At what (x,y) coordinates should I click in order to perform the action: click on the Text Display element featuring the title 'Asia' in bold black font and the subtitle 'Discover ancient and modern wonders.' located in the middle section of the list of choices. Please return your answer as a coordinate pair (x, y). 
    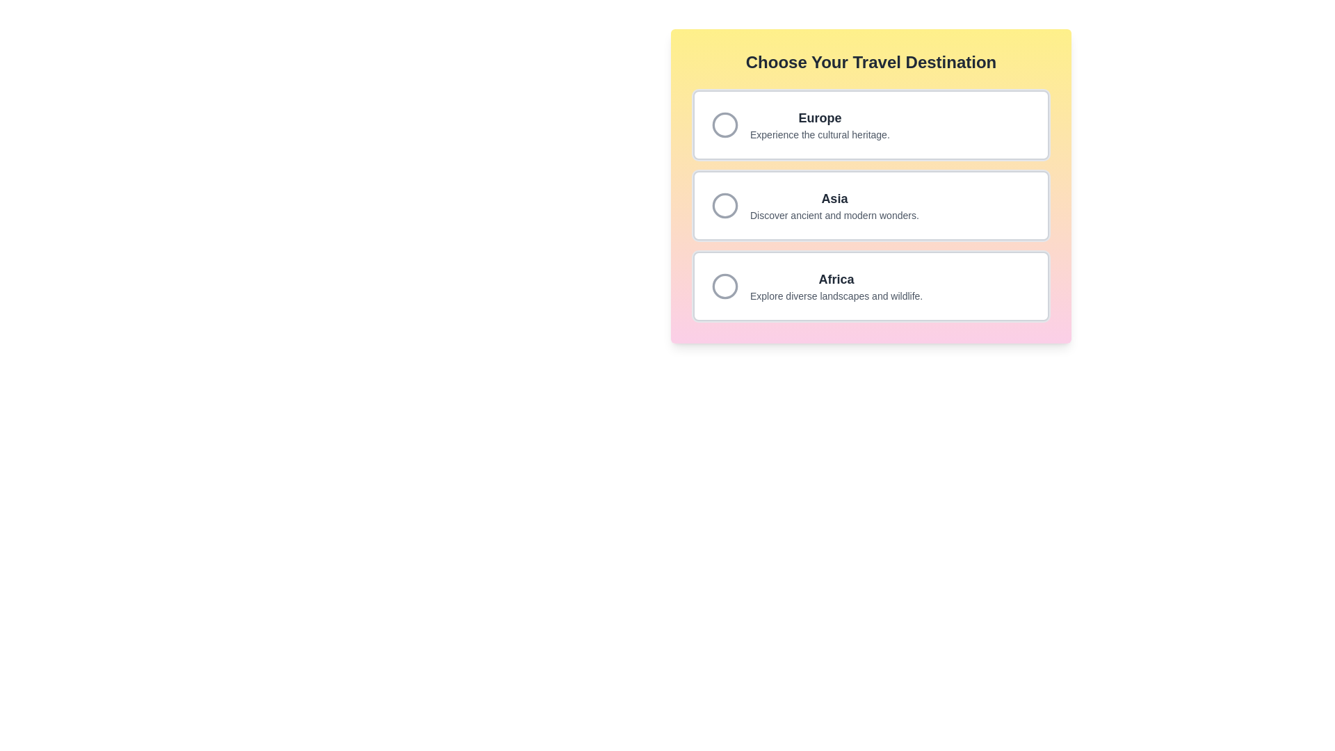
    Looking at the image, I should click on (834, 206).